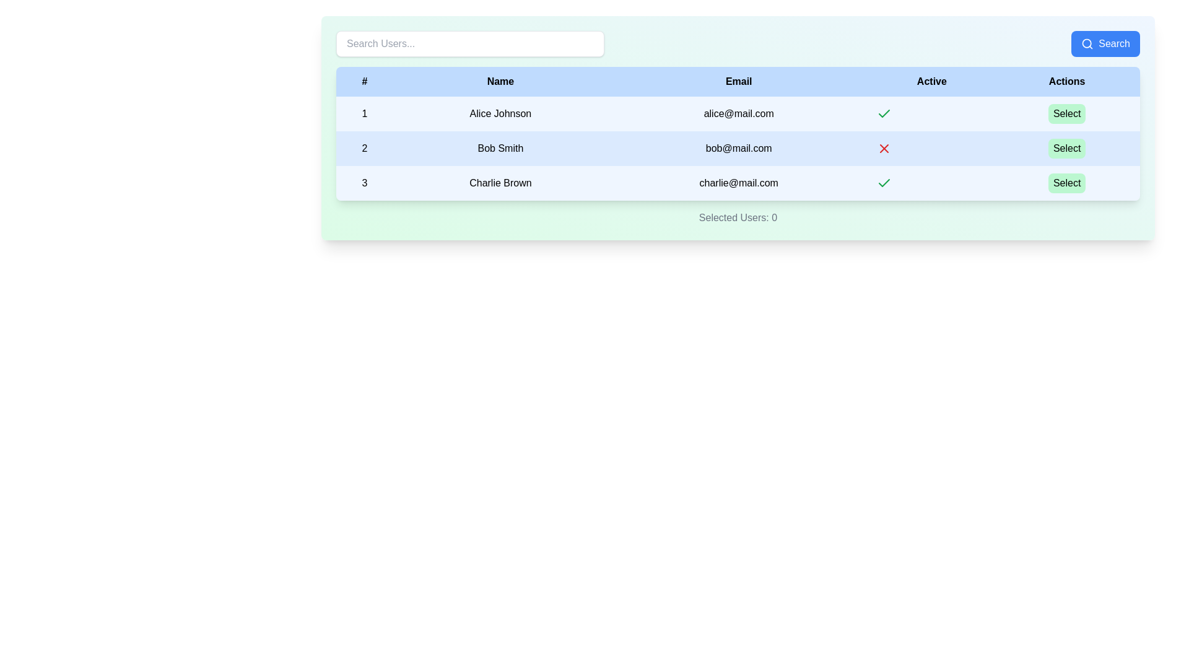 This screenshot has height=669, width=1189. What do you see at coordinates (738, 217) in the screenshot?
I see `the text display that reads 'Selected Users: 0', styled in gray at the bottom of the panel` at bounding box center [738, 217].